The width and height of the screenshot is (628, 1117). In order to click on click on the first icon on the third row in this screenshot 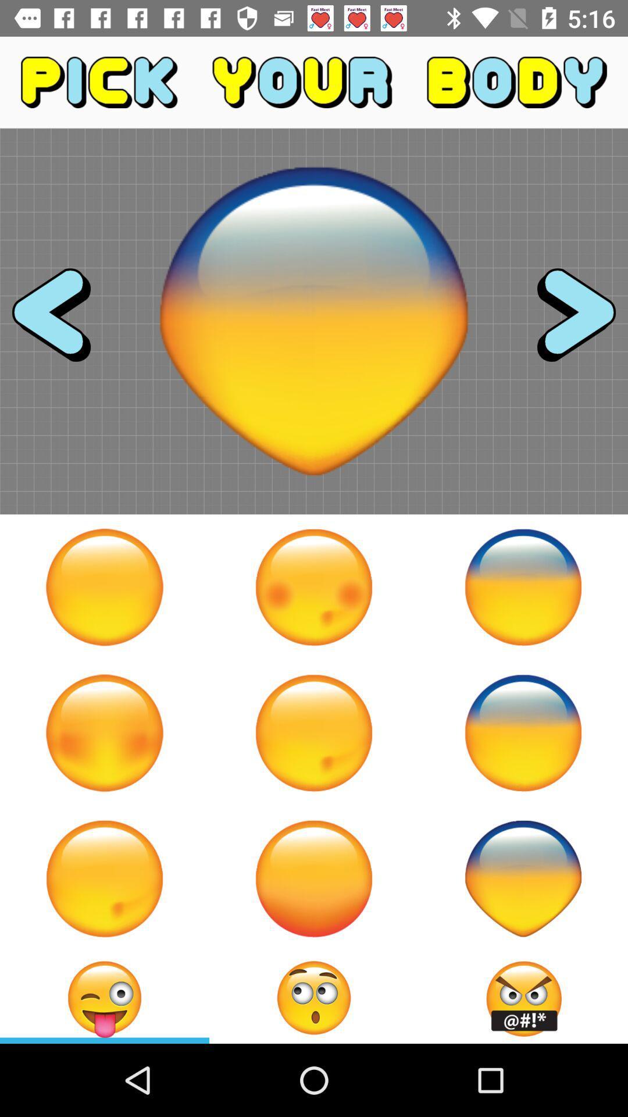, I will do `click(105, 878)`.